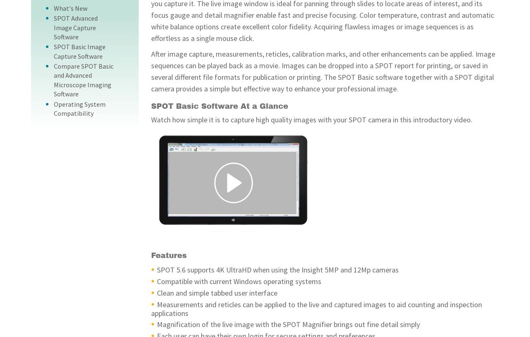 The width and height of the screenshot is (530, 337). I want to click on 'Watch how simple it is to capture high quality images with your SPOT camera in this introductory video.', so click(151, 119).